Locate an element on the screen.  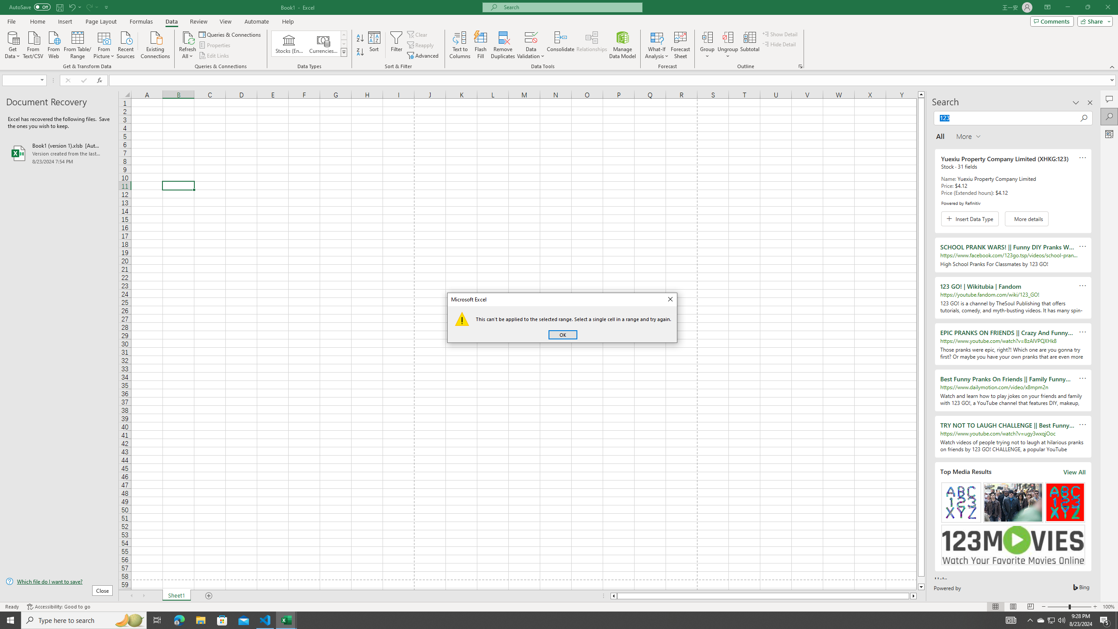
'Get Data' is located at coordinates (12, 44).